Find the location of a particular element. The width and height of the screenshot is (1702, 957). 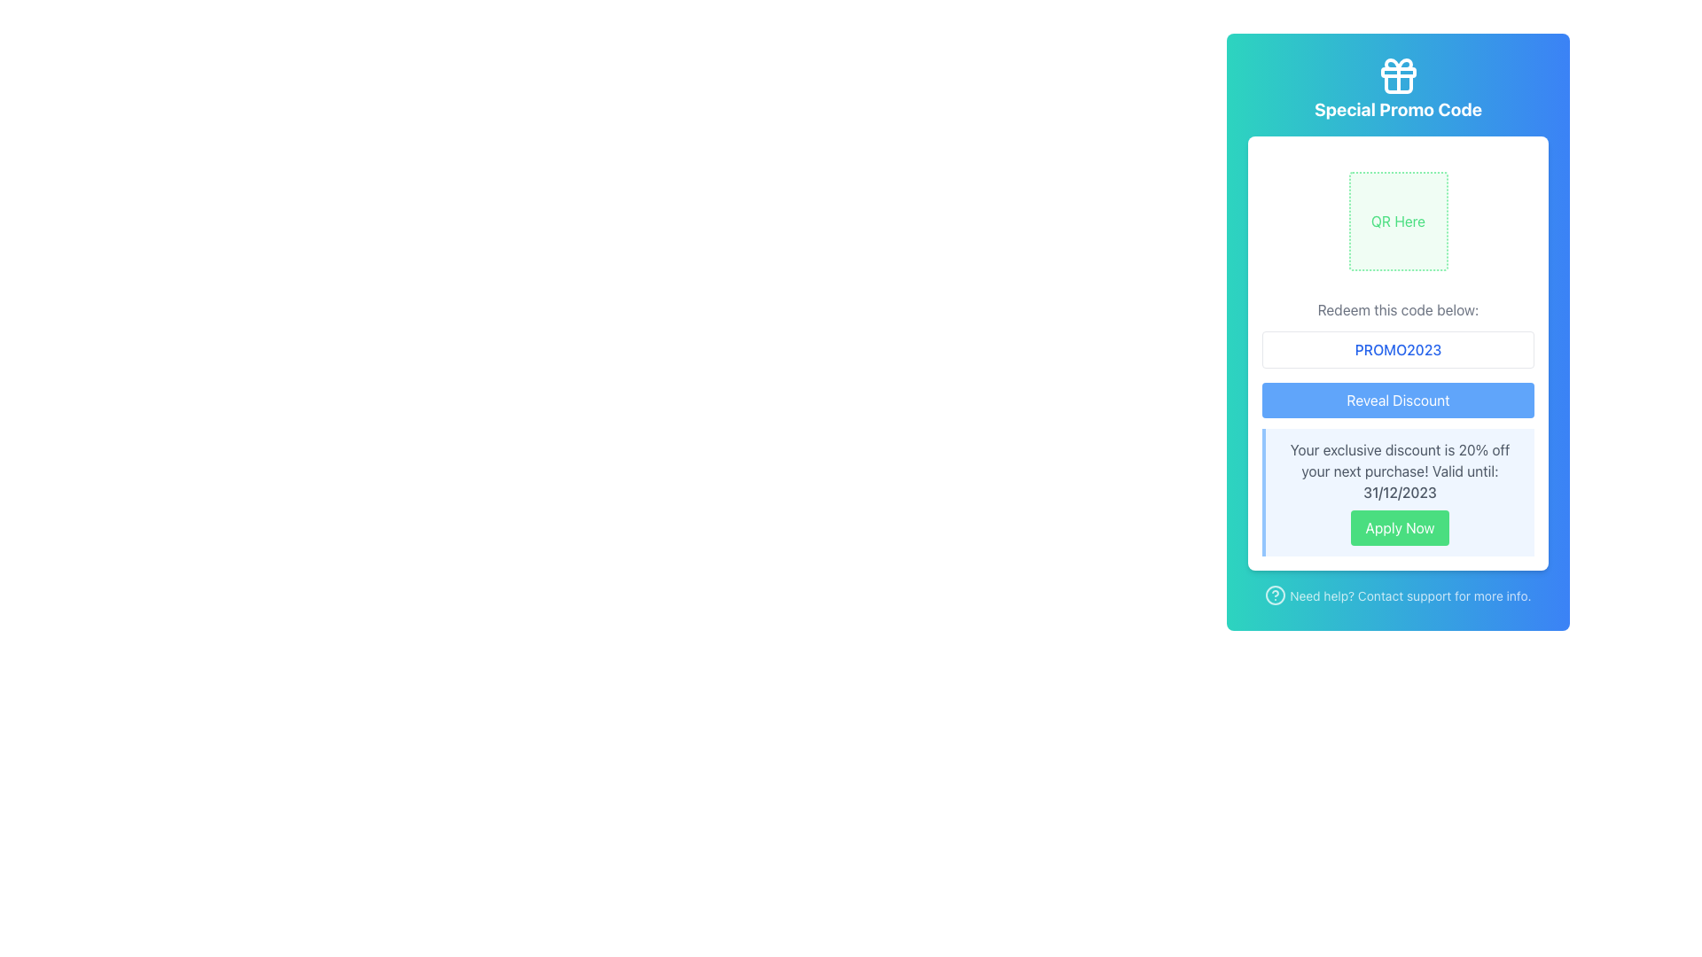

the informational help icon located at the bottom-left side of the footer section, aligned horizontally with the 'Need help? Contact support for more info.' text is located at coordinates (1275, 595).